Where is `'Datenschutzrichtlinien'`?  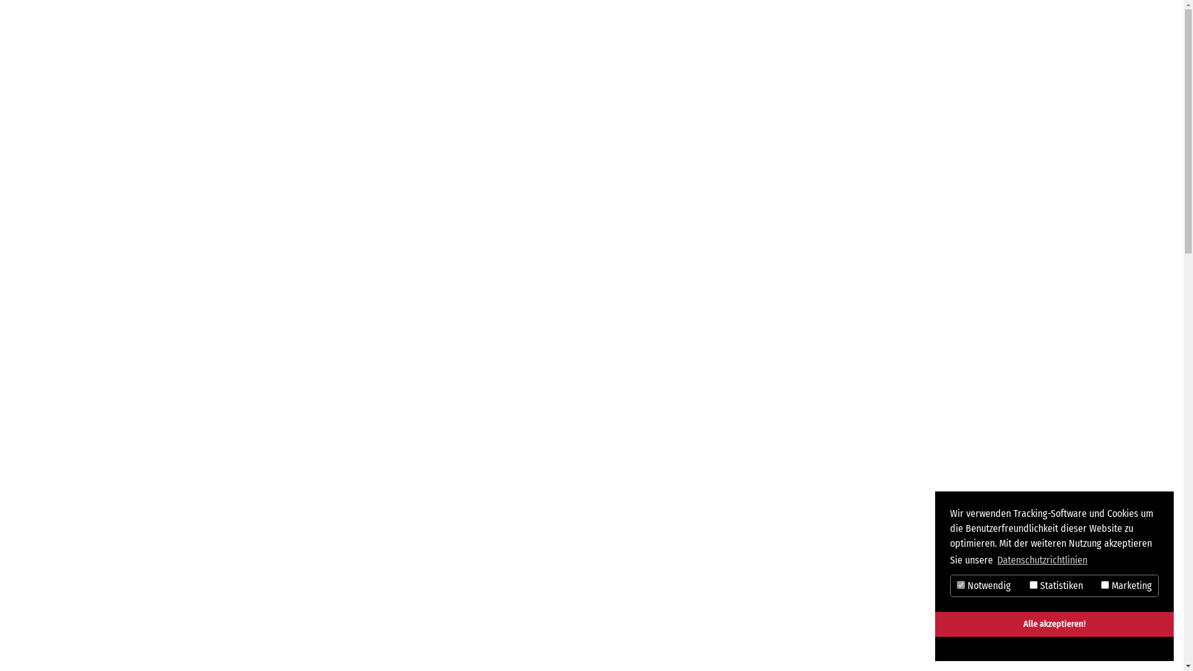
'Datenschutzrichtlinien' is located at coordinates (995, 560).